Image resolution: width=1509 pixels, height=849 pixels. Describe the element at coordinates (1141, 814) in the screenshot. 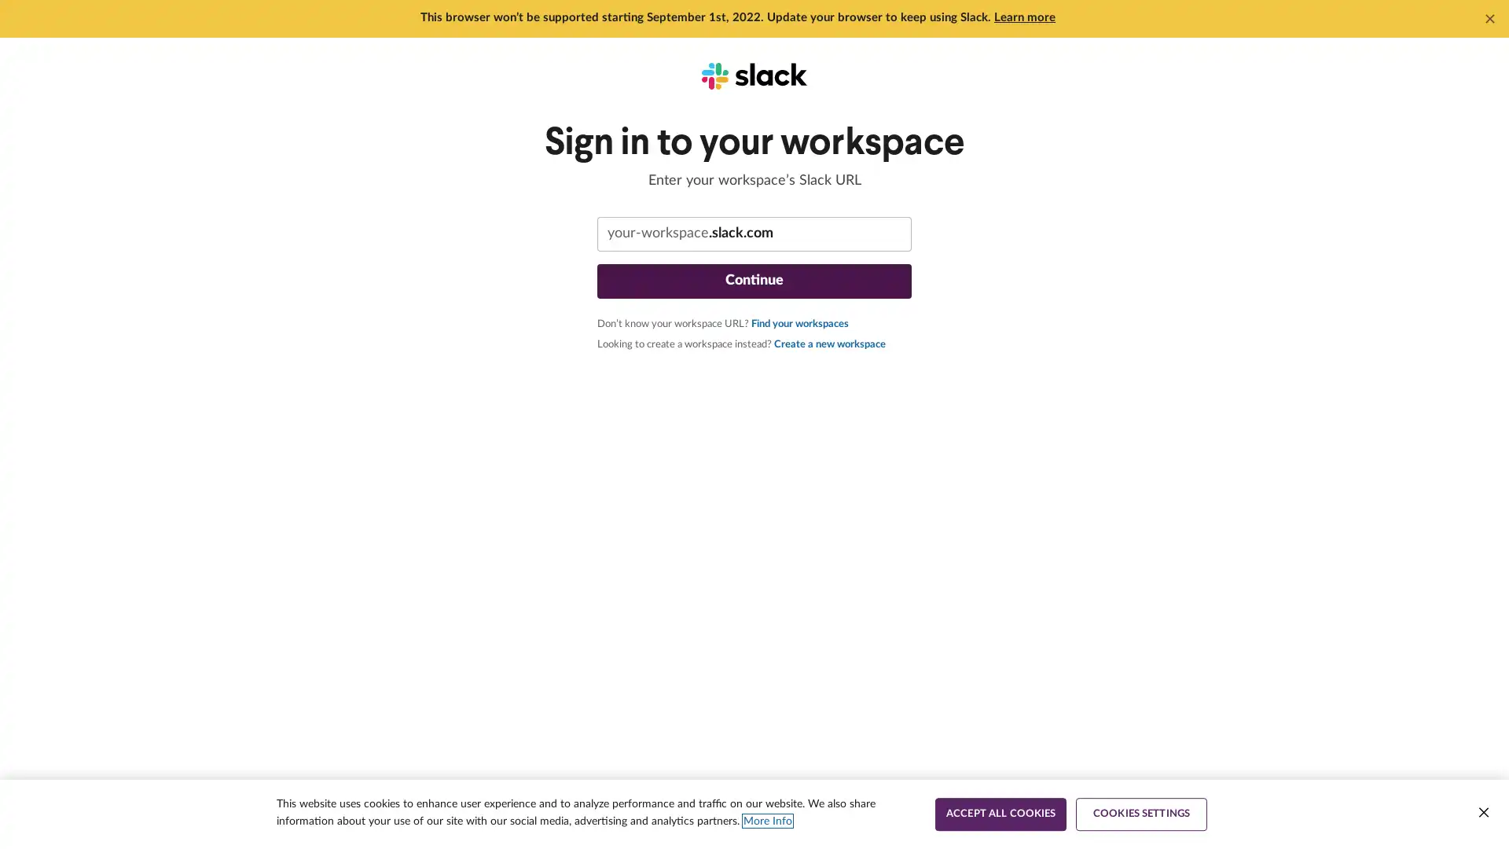

I see `COOKIES SETTINGS` at that location.